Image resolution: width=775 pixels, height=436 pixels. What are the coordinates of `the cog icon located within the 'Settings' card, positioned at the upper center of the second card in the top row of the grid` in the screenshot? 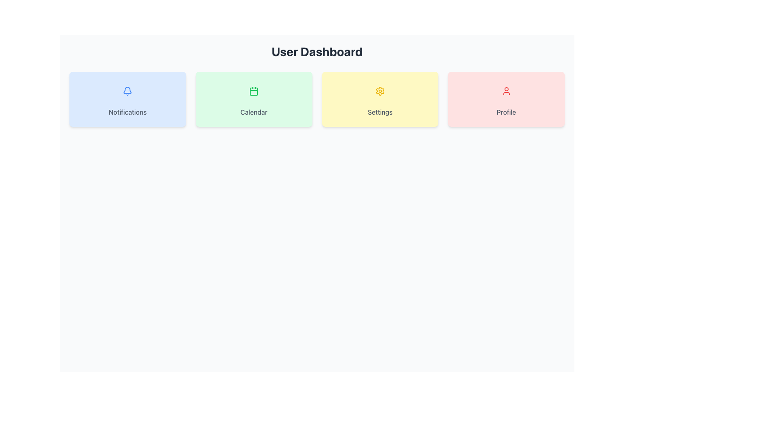 It's located at (379, 91).